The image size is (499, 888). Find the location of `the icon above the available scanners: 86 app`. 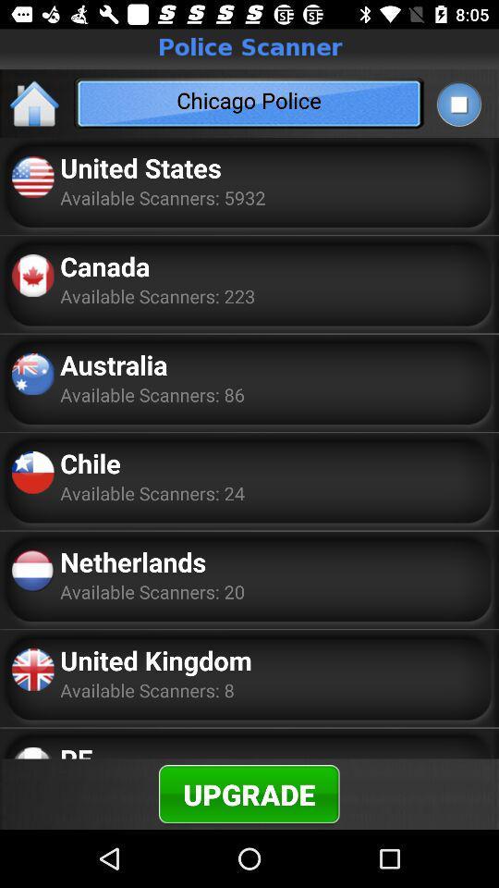

the icon above the available scanners: 86 app is located at coordinates (114, 364).